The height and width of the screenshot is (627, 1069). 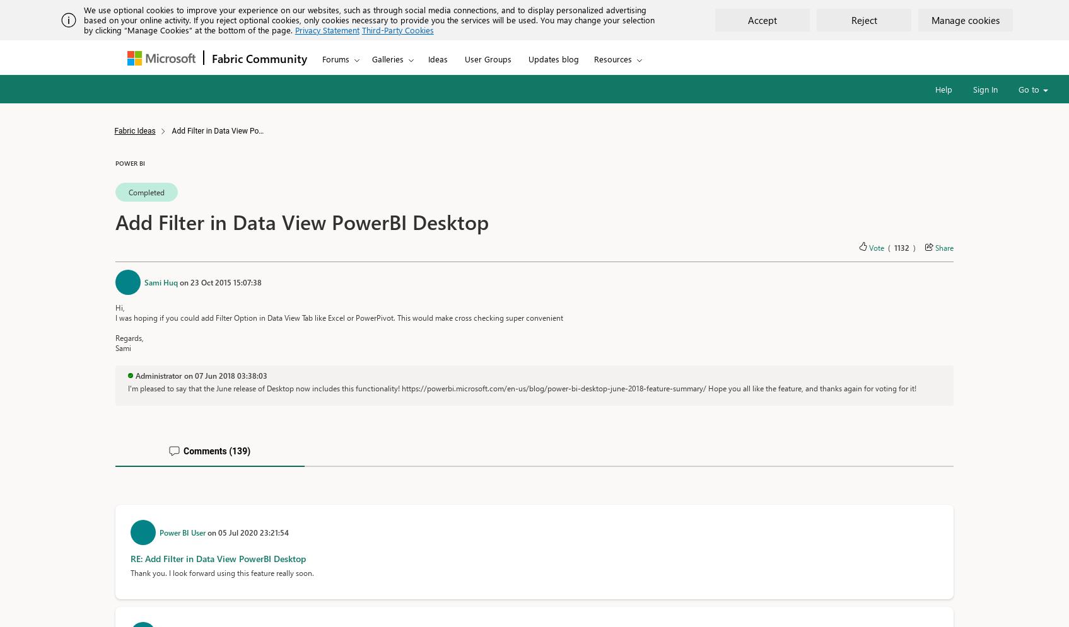 What do you see at coordinates (122, 348) in the screenshot?
I see `'Sami'` at bounding box center [122, 348].